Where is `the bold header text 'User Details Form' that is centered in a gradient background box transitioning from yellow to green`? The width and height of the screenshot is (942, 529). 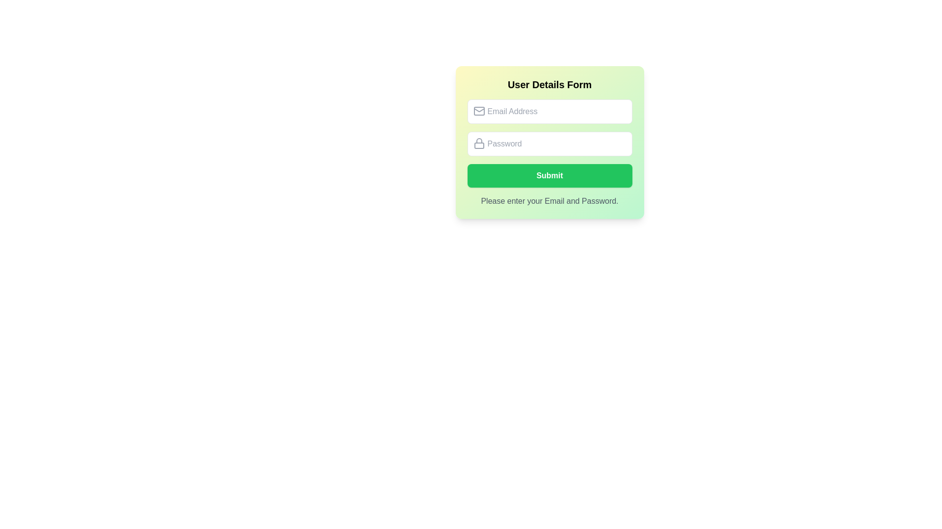
the bold header text 'User Details Form' that is centered in a gradient background box transitioning from yellow to green is located at coordinates (549, 84).